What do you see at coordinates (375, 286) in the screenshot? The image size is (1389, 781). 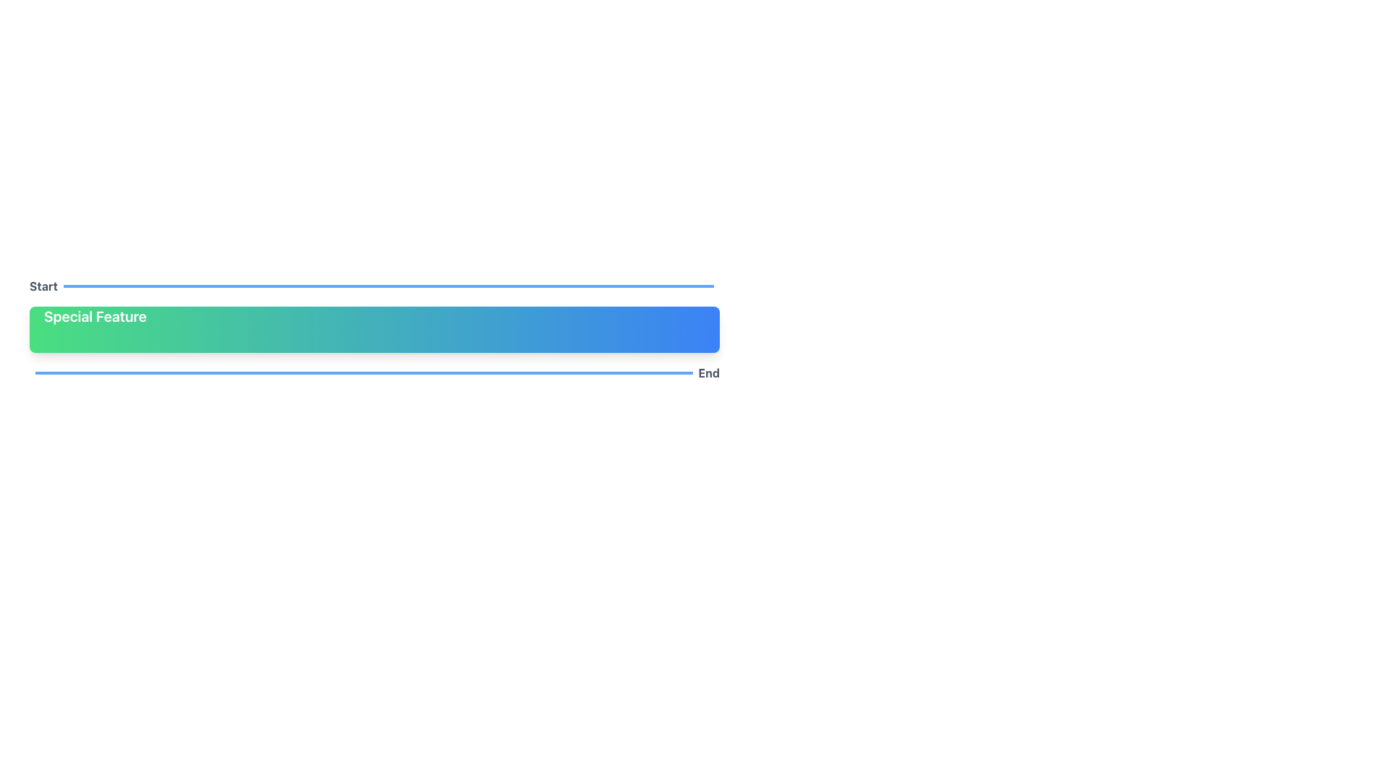 I see `the 'Start' text of the Label with decorative element, which features a bold gray text aligned to the left and a thin blue bar extending to the right` at bounding box center [375, 286].